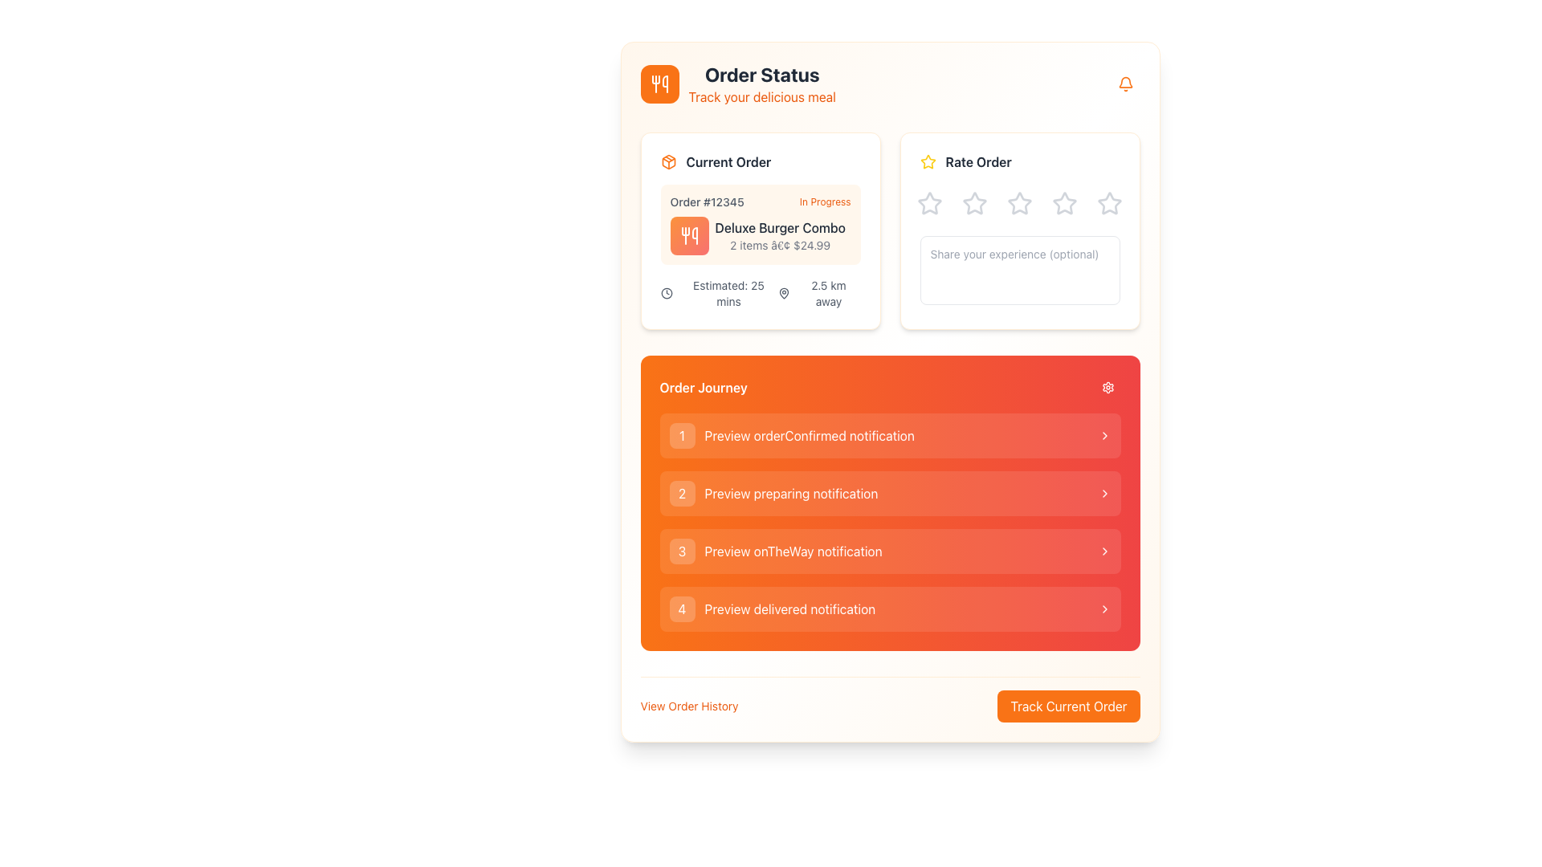 Image resolution: width=1542 pixels, height=867 pixels. I want to click on informational text element displaying estimated time and distance, located in the 'Current Order' section under 'Order Status', so click(759, 294).